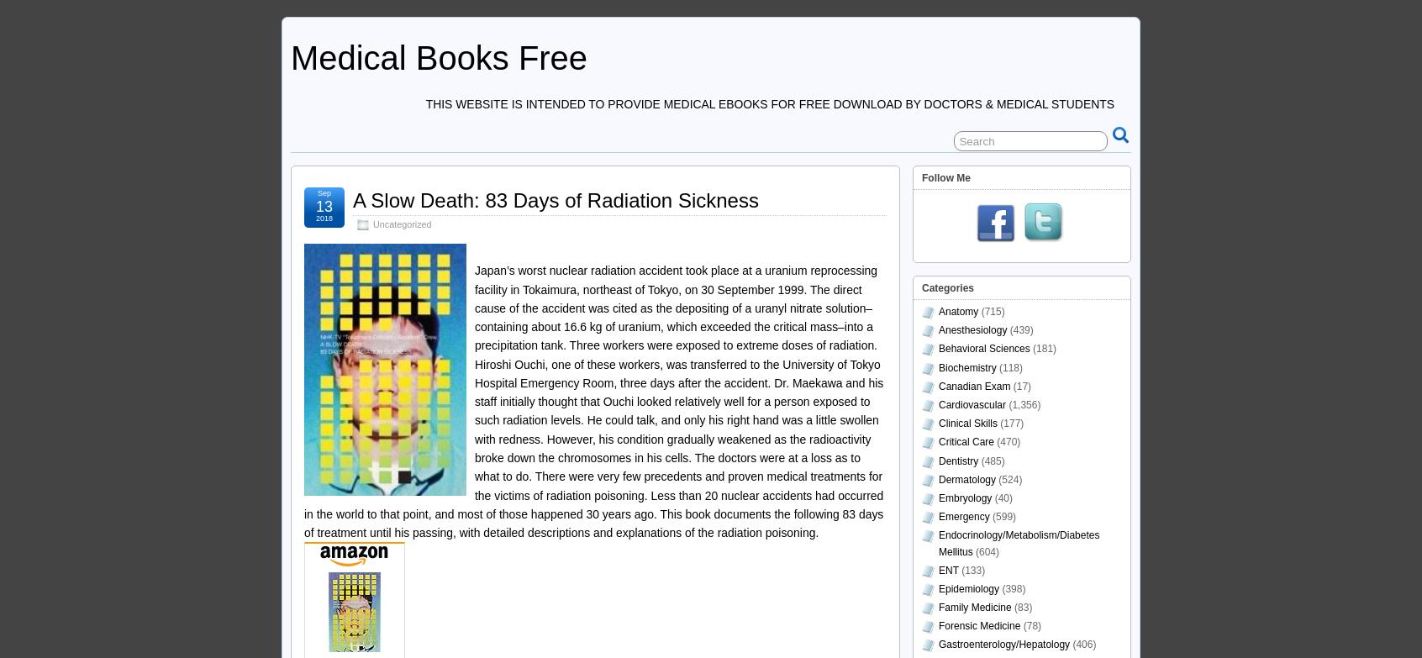 The width and height of the screenshot is (1422, 658). What do you see at coordinates (1012, 587) in the screenshot?
I see `'(398)'` at bounding box center [1012, 587].